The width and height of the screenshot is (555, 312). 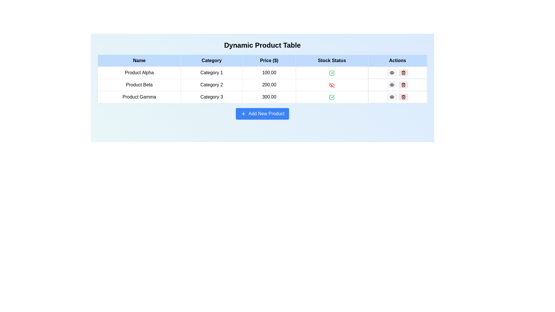 I want to click on the button located at the bottom of the 'Dynamic Product Table' interface to observe its hover effects, so click(x=262, y=114).